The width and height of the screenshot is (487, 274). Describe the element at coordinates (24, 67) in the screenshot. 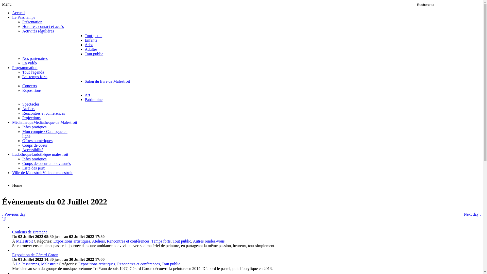

I see `'Programmation'` at that location.